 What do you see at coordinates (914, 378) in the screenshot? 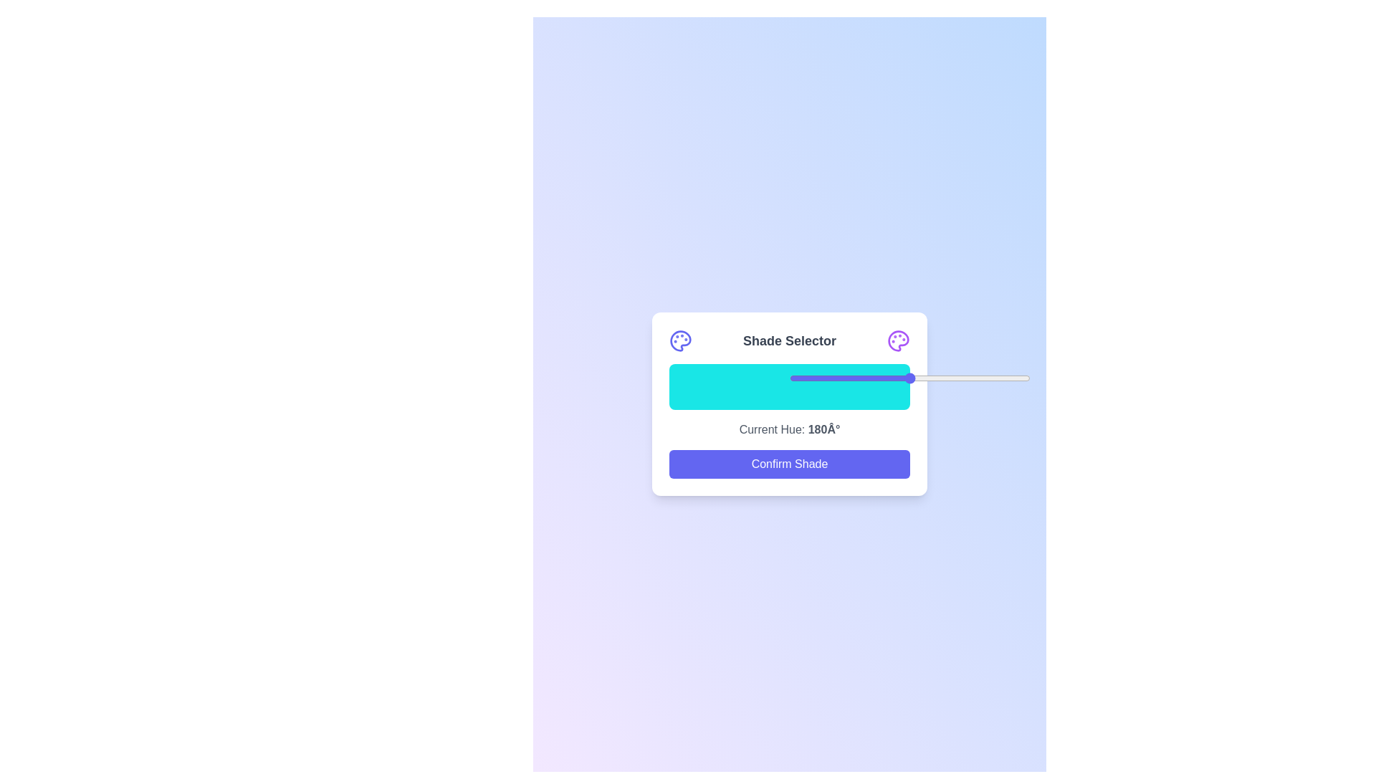
I see `the slider to set the shade to 52%` at bounding box center [914, 378].